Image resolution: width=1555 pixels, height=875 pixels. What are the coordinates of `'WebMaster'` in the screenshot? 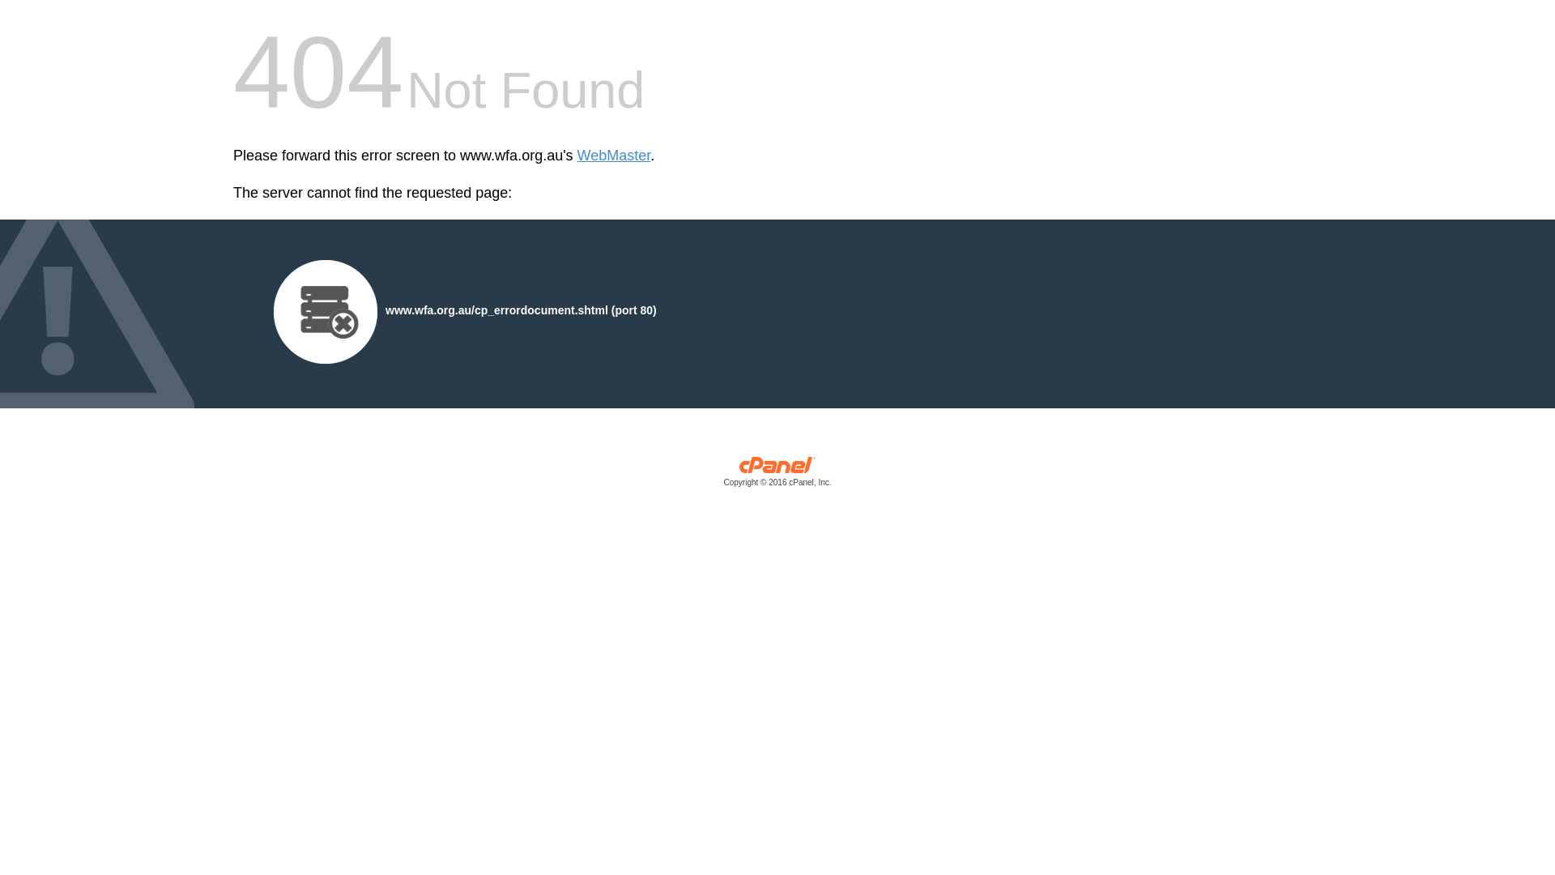 It's located at (577, 156).